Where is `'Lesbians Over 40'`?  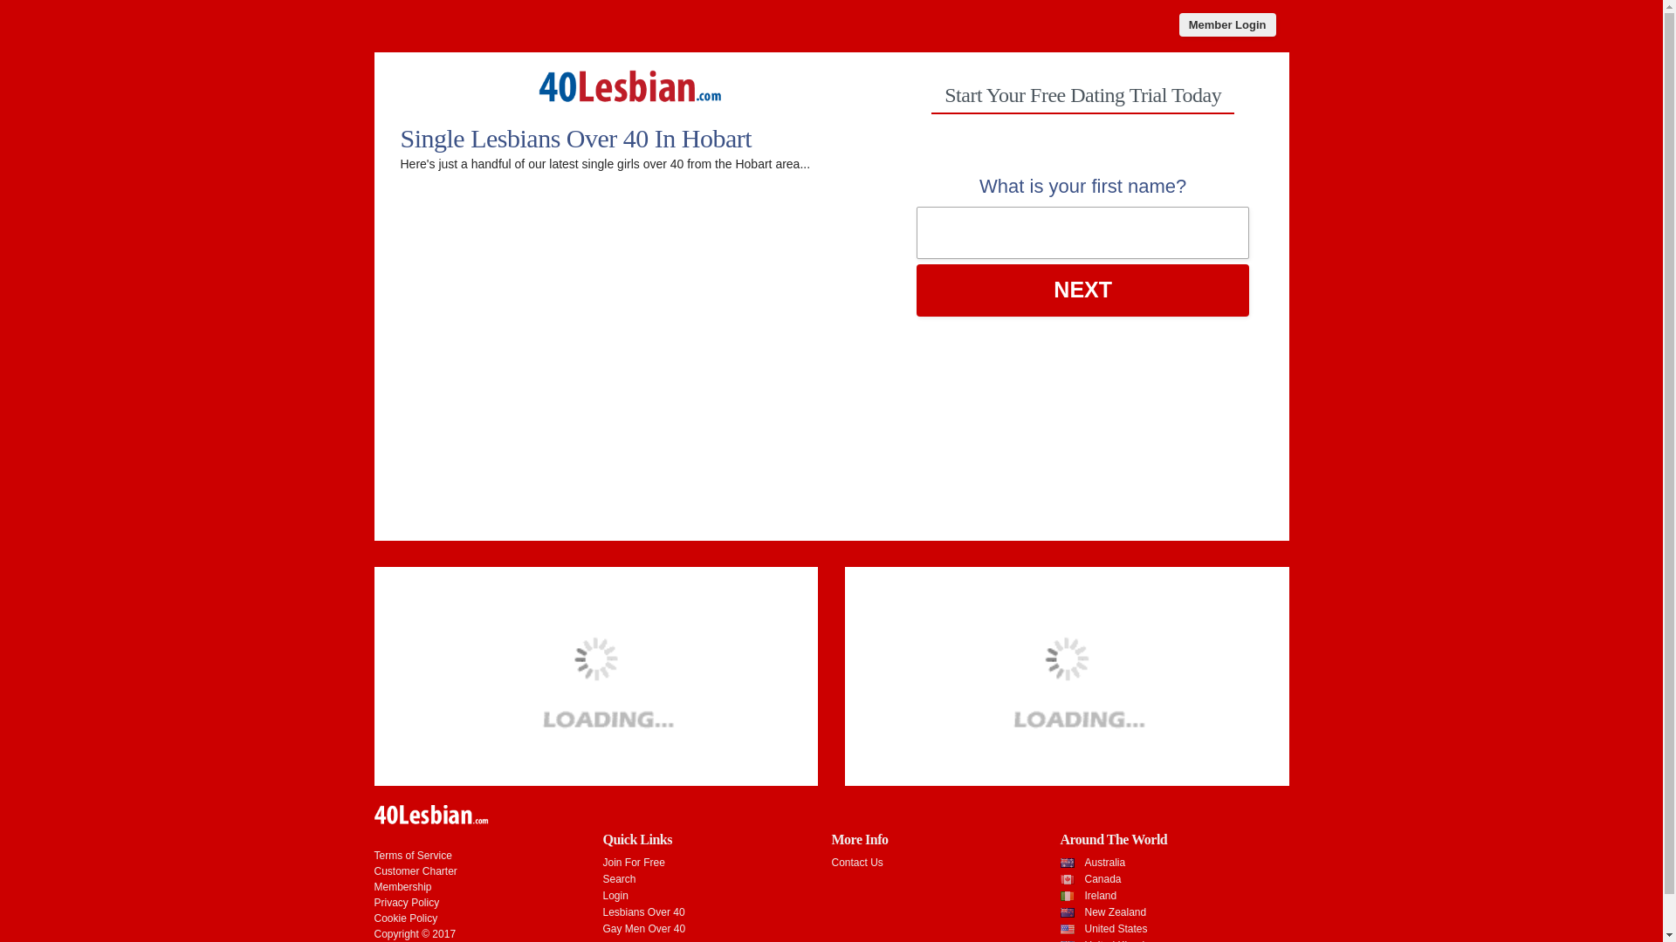
'Lesbians Over 40' is located at coordinates (642, 911).